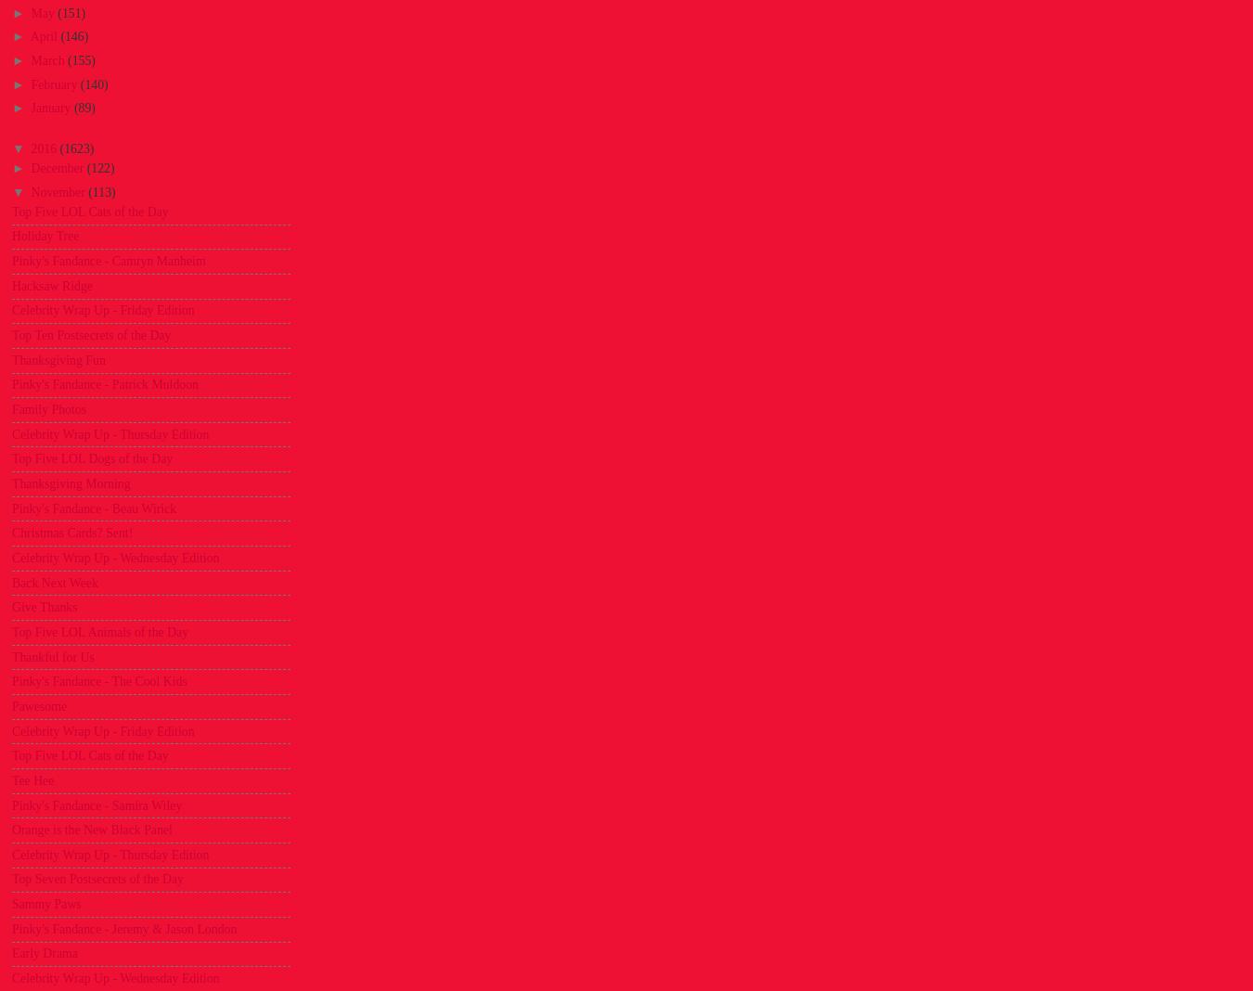 This screenshot has width=1253, height=991. I want to click on 'Christmas Cards? Sent!', so click(71, 532).